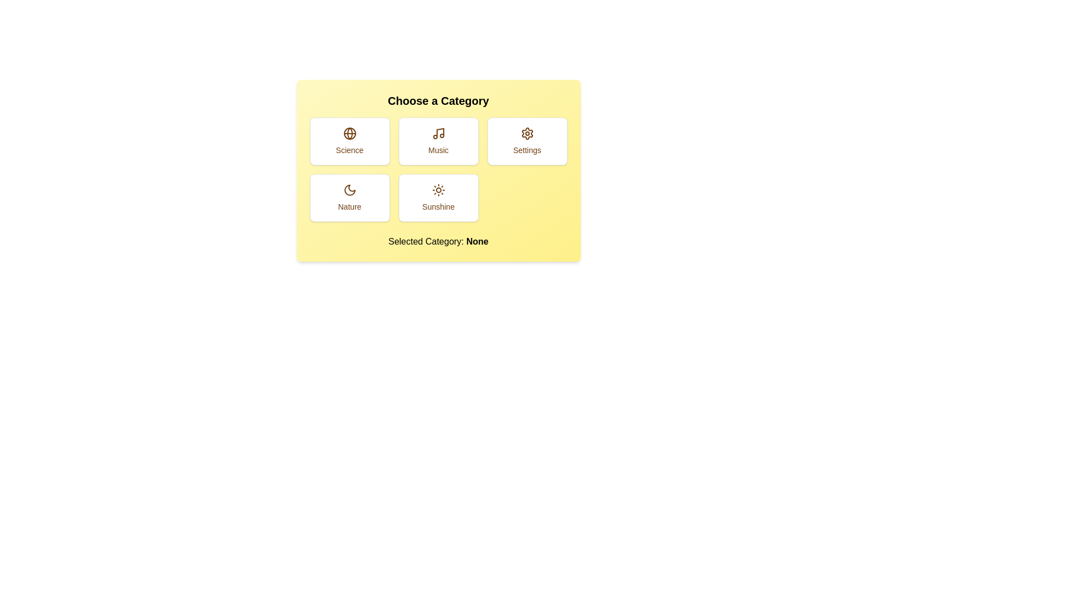 This screenshot has width=1065, height=599. Describe the element at coordinates (349, 207) in the screenshot. I see `the 'Nature' label inside the card located in the lower-left area of the category options grid, which contains a moon icon above the text` at that location.